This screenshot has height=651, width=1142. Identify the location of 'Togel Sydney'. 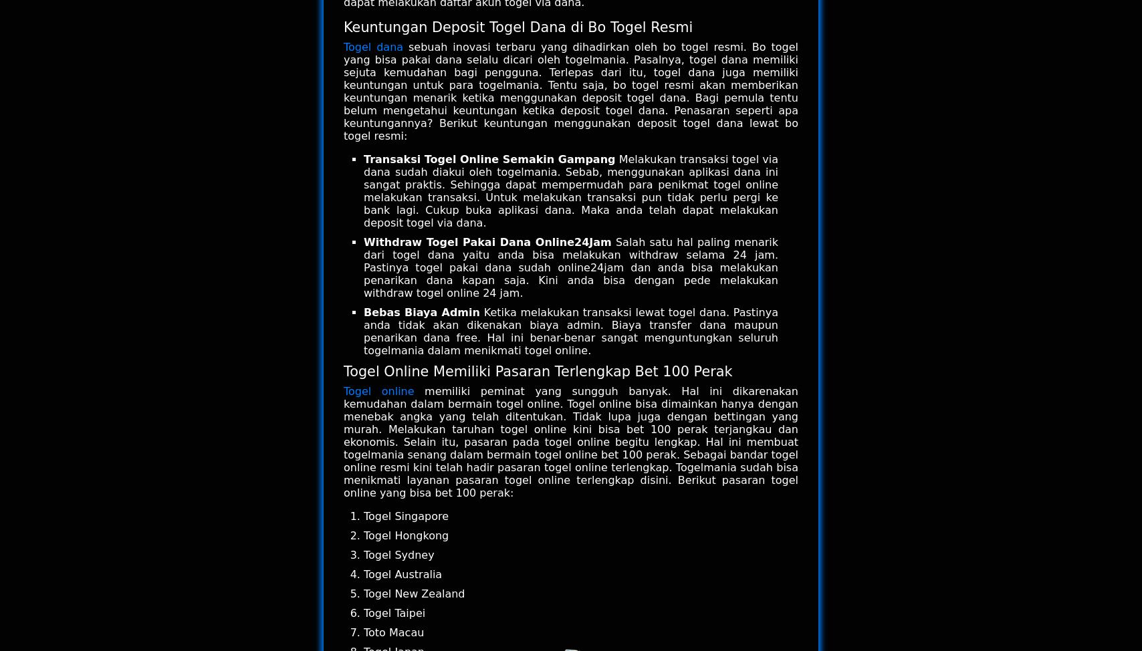
(363, 555).